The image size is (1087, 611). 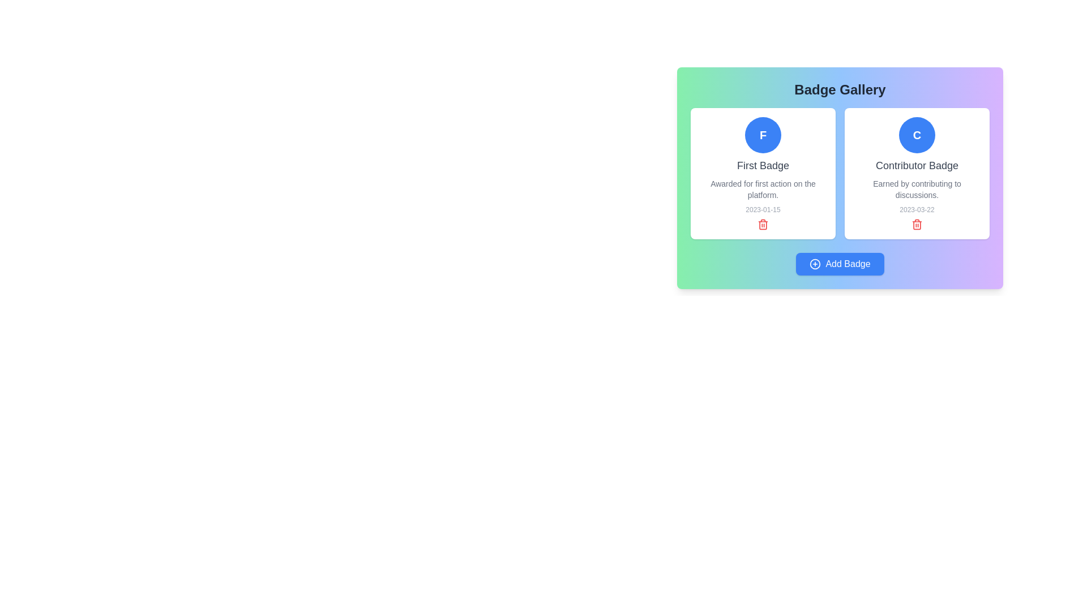 What do you see at coordinates (840, 89) in the screenshot?
I see `the static Text Label/Header located at the top of the section, which serves as the title for the content below it` at bounding box center [840, 89].